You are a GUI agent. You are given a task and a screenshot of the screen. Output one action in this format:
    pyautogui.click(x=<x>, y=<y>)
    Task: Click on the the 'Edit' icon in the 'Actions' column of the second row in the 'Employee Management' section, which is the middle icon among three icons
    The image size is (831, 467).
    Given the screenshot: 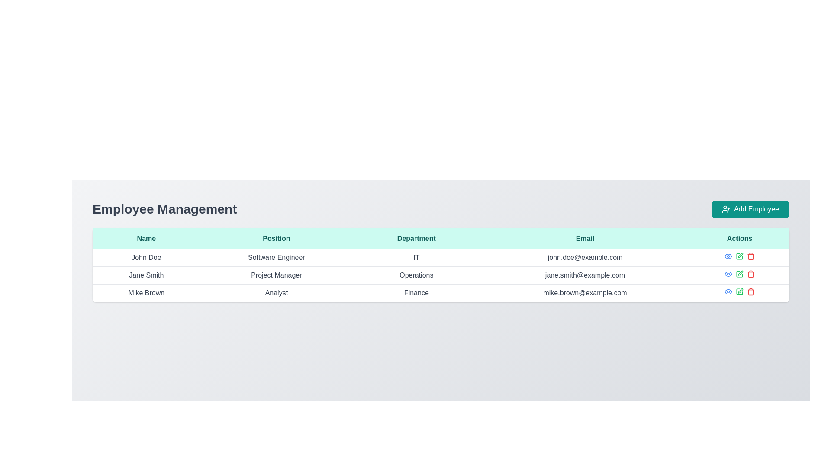 What is the action you would take?
    pyautogui.click(x=739, y=274)
    